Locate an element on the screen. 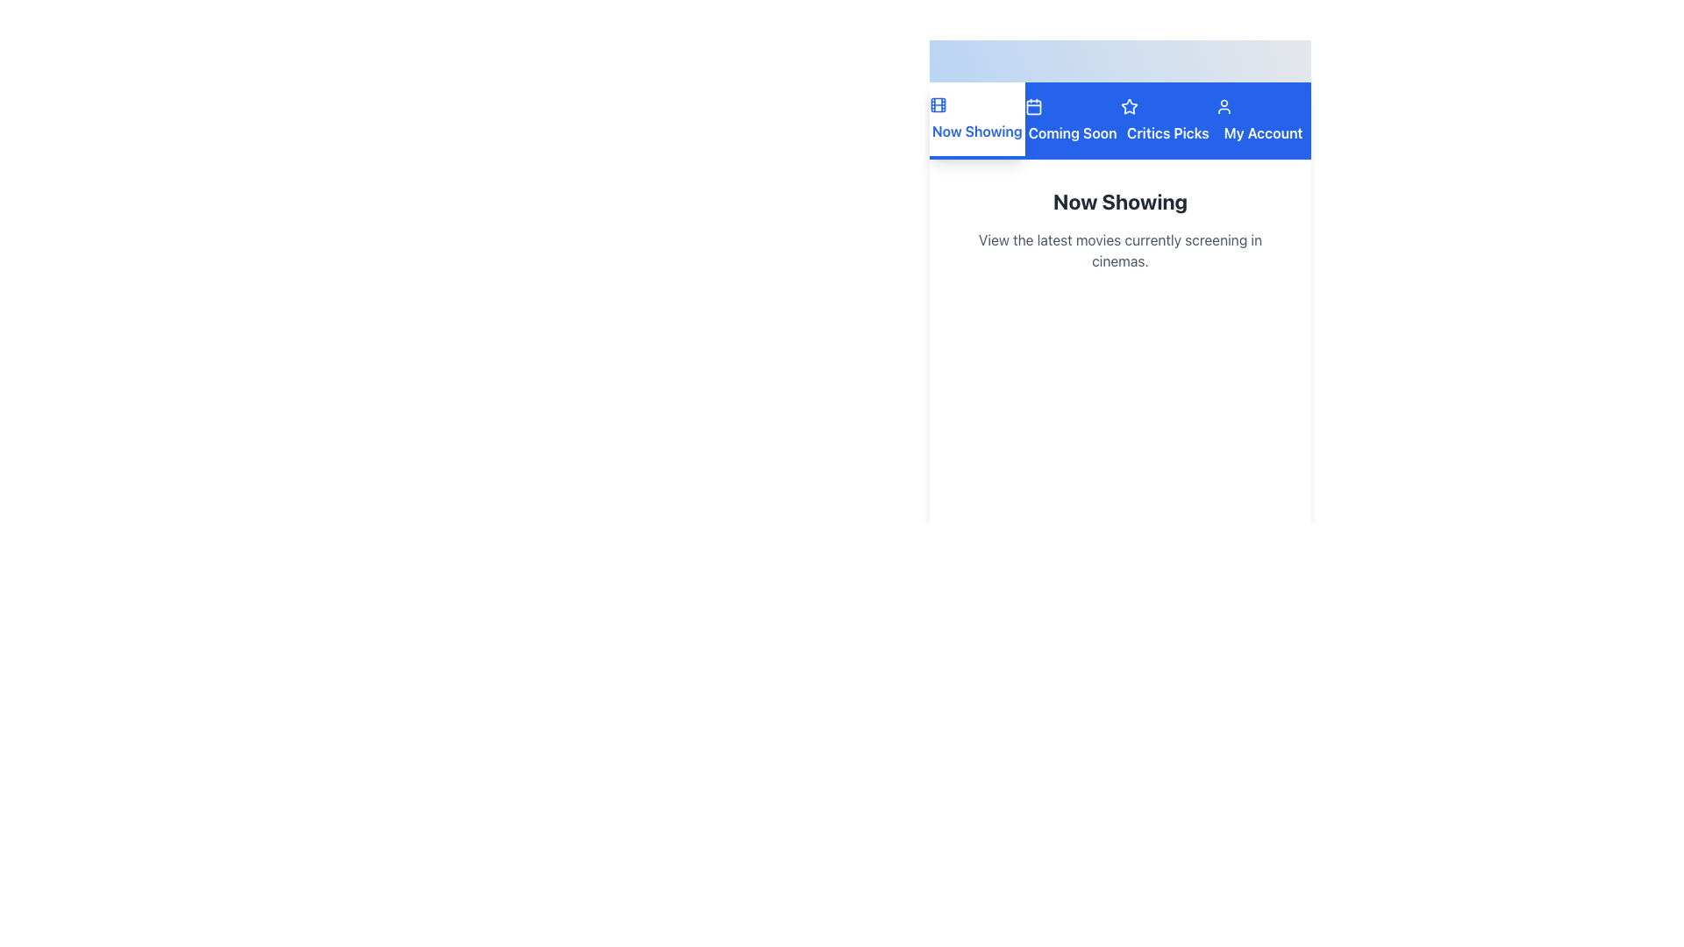  the second navigation item in the top navigation bar is located at coordinates (1072, 132).